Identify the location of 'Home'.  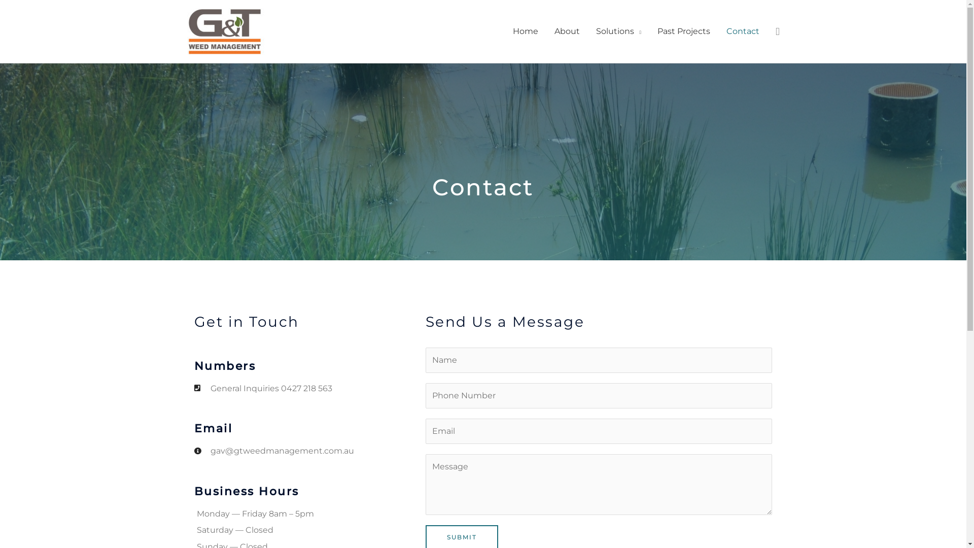
(526, 30).